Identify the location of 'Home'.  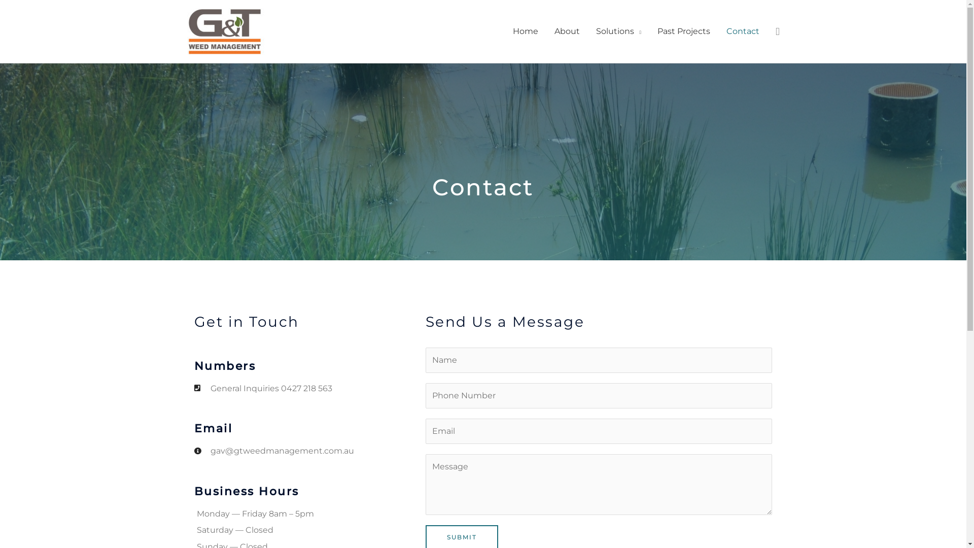
(526, 30).